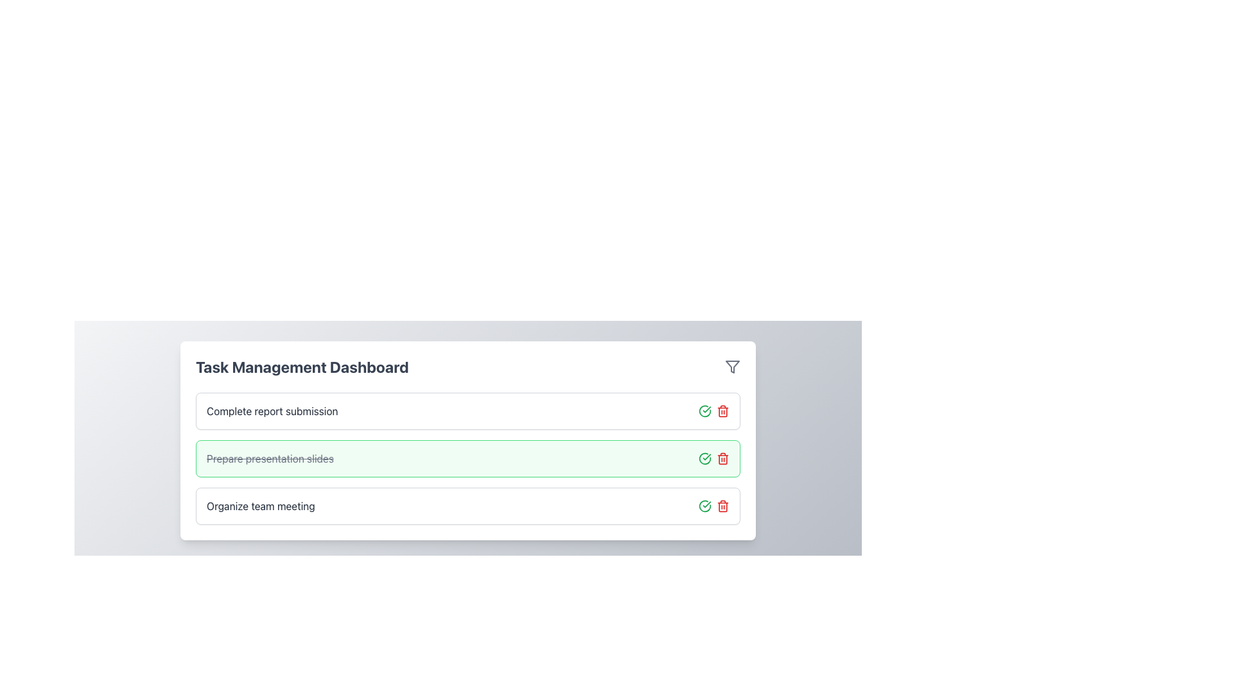 The height and width of the screenshot is (693, 1233). I want to click on the red trash can icon button, which is styled with 'text-red-600' and 'hover:text-red-700' classes, to change its color to a darker red, so click(723, 458).